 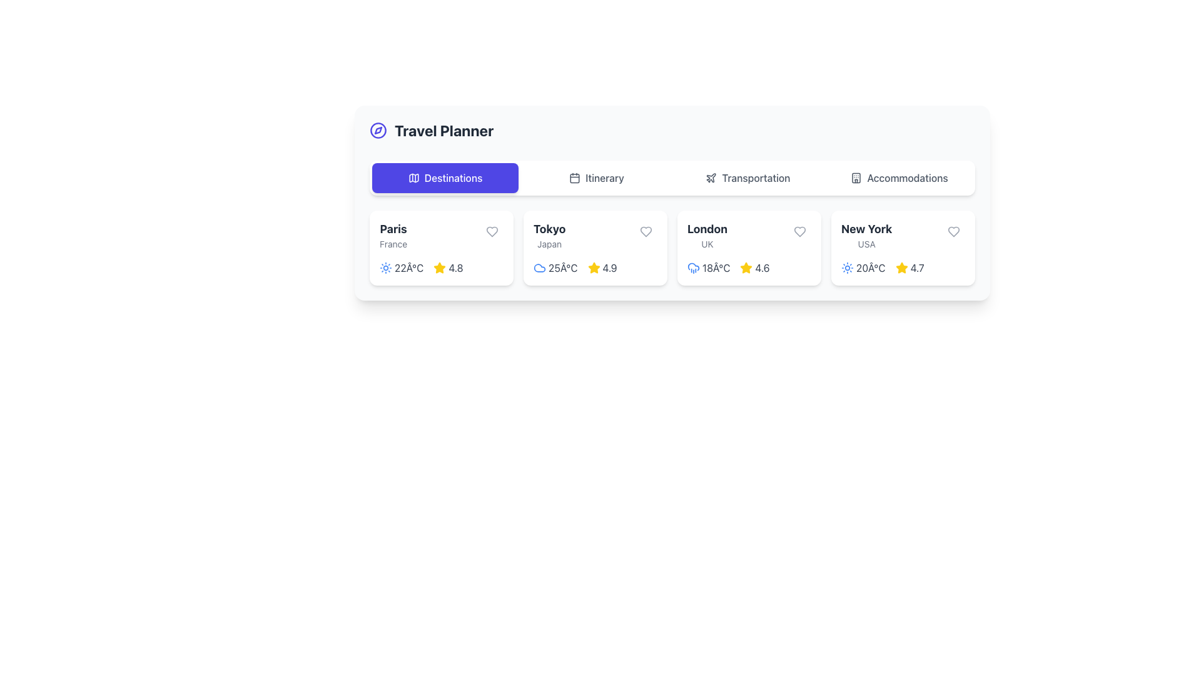 I want to click on temperature and rating information displayed for Tokyo, Japan, located at the bottom area of the corresponding card, adjacent to the favorite button, so click(x=594, y=267).